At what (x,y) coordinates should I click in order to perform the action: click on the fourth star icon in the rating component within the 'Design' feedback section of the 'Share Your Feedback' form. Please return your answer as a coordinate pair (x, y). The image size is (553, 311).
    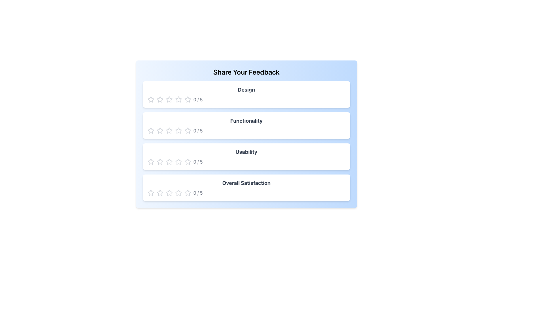
    Looking at the image, I should click on (178, 99).